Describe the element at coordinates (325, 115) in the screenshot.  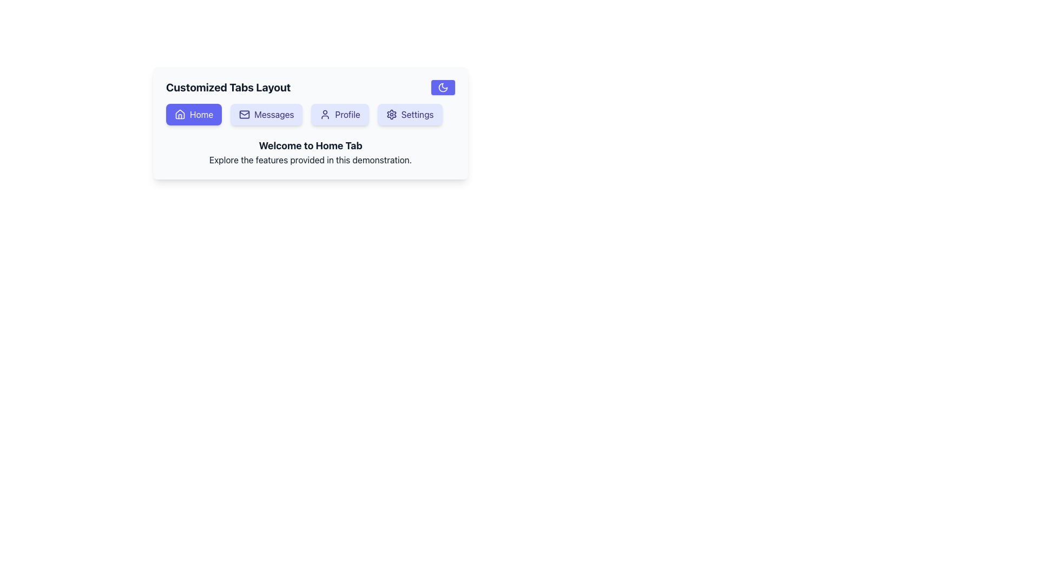
I see `the user profile icon located to the left of the 'Profile' button label, which is situated between the 'Messages' and 'Settings' buttons` at that location.